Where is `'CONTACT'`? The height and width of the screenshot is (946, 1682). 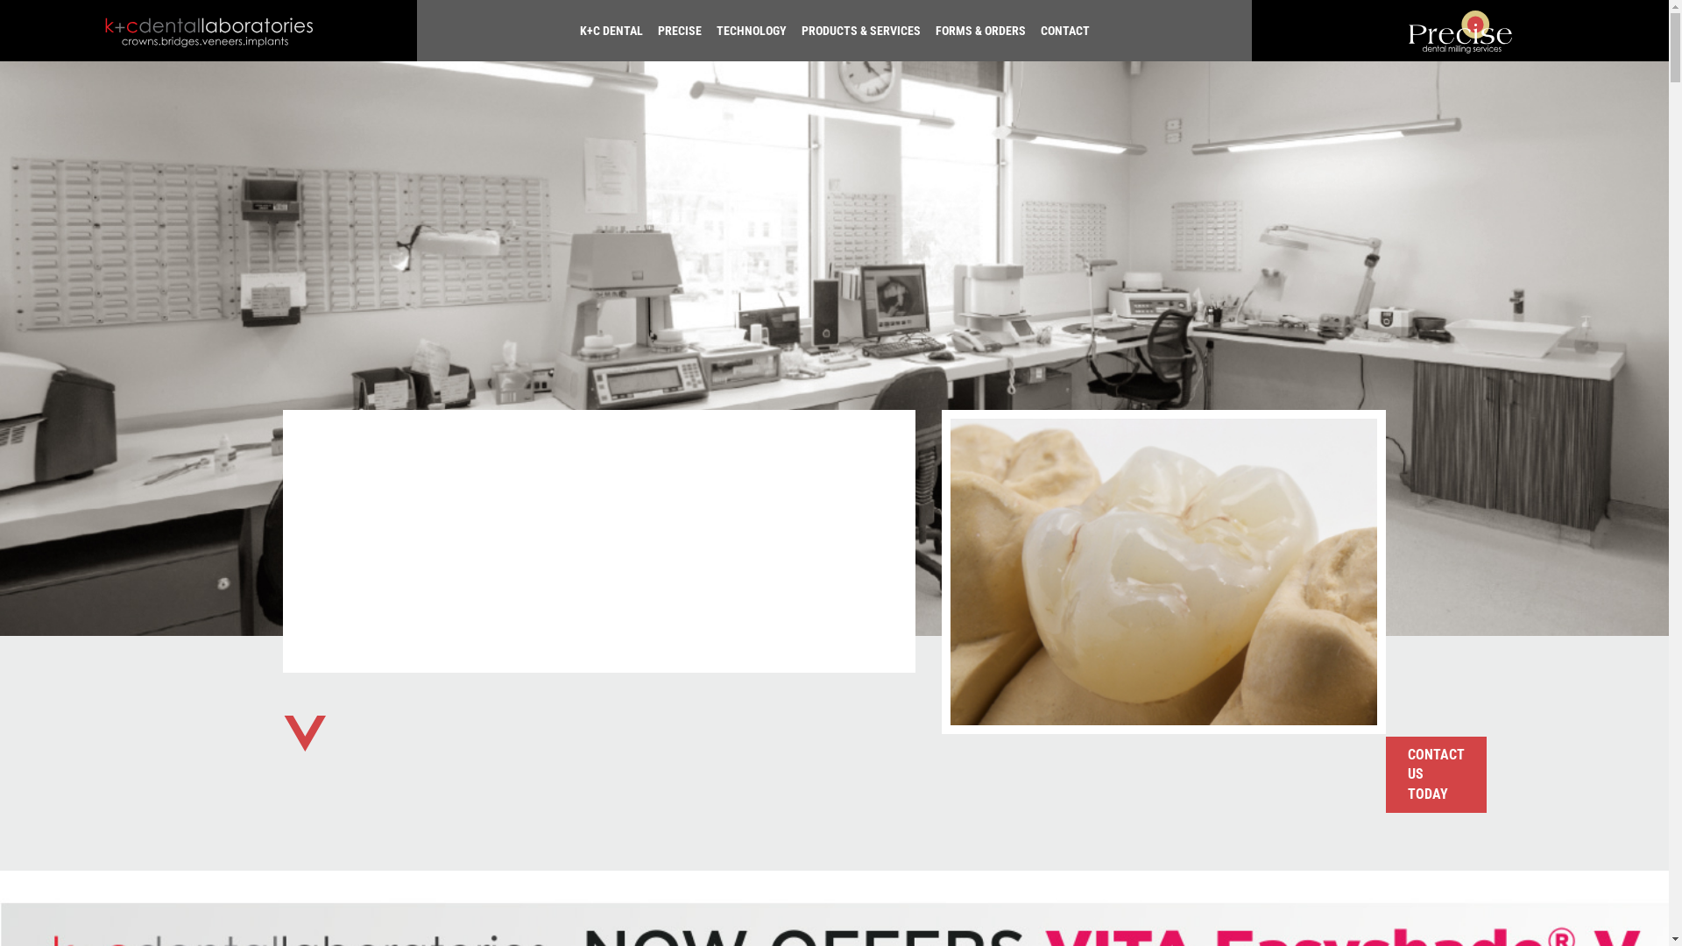 'CONTACT' is located at coordinates (1060, 30).